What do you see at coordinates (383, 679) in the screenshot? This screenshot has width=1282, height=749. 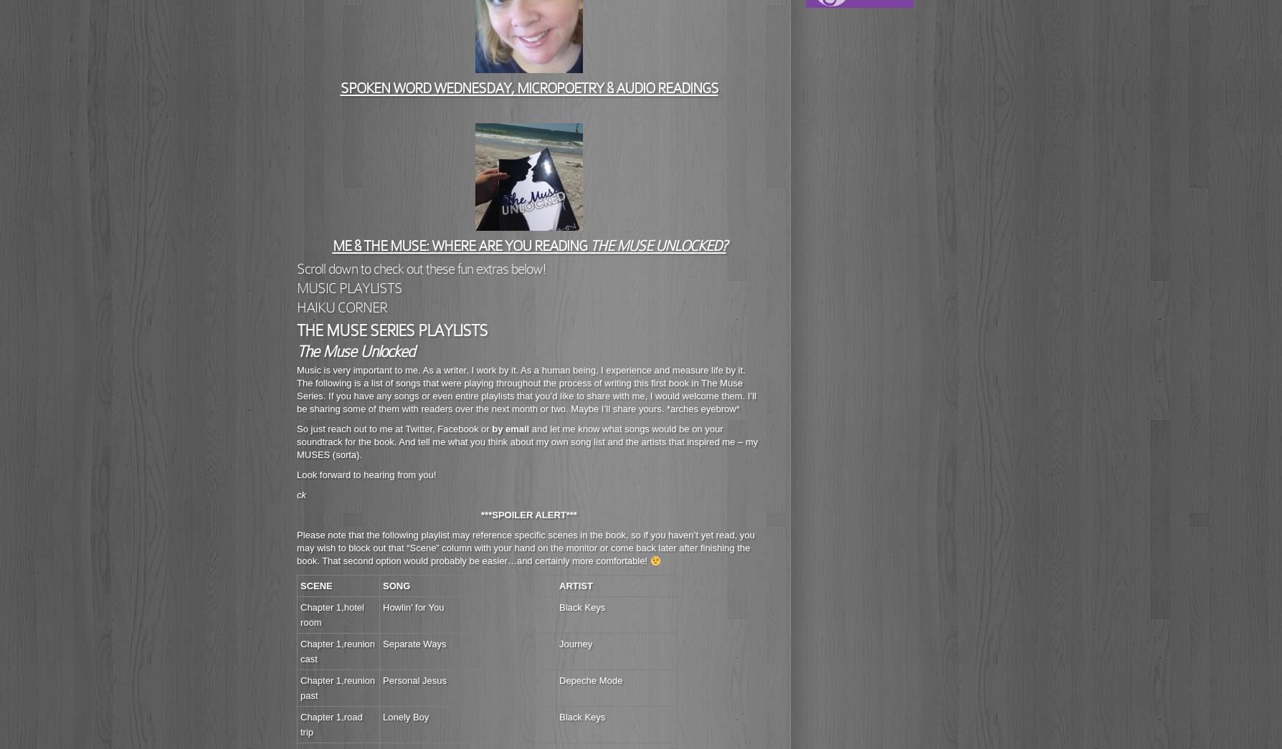 I see `'Personal Jesus'` at bounding box center [383, 679].